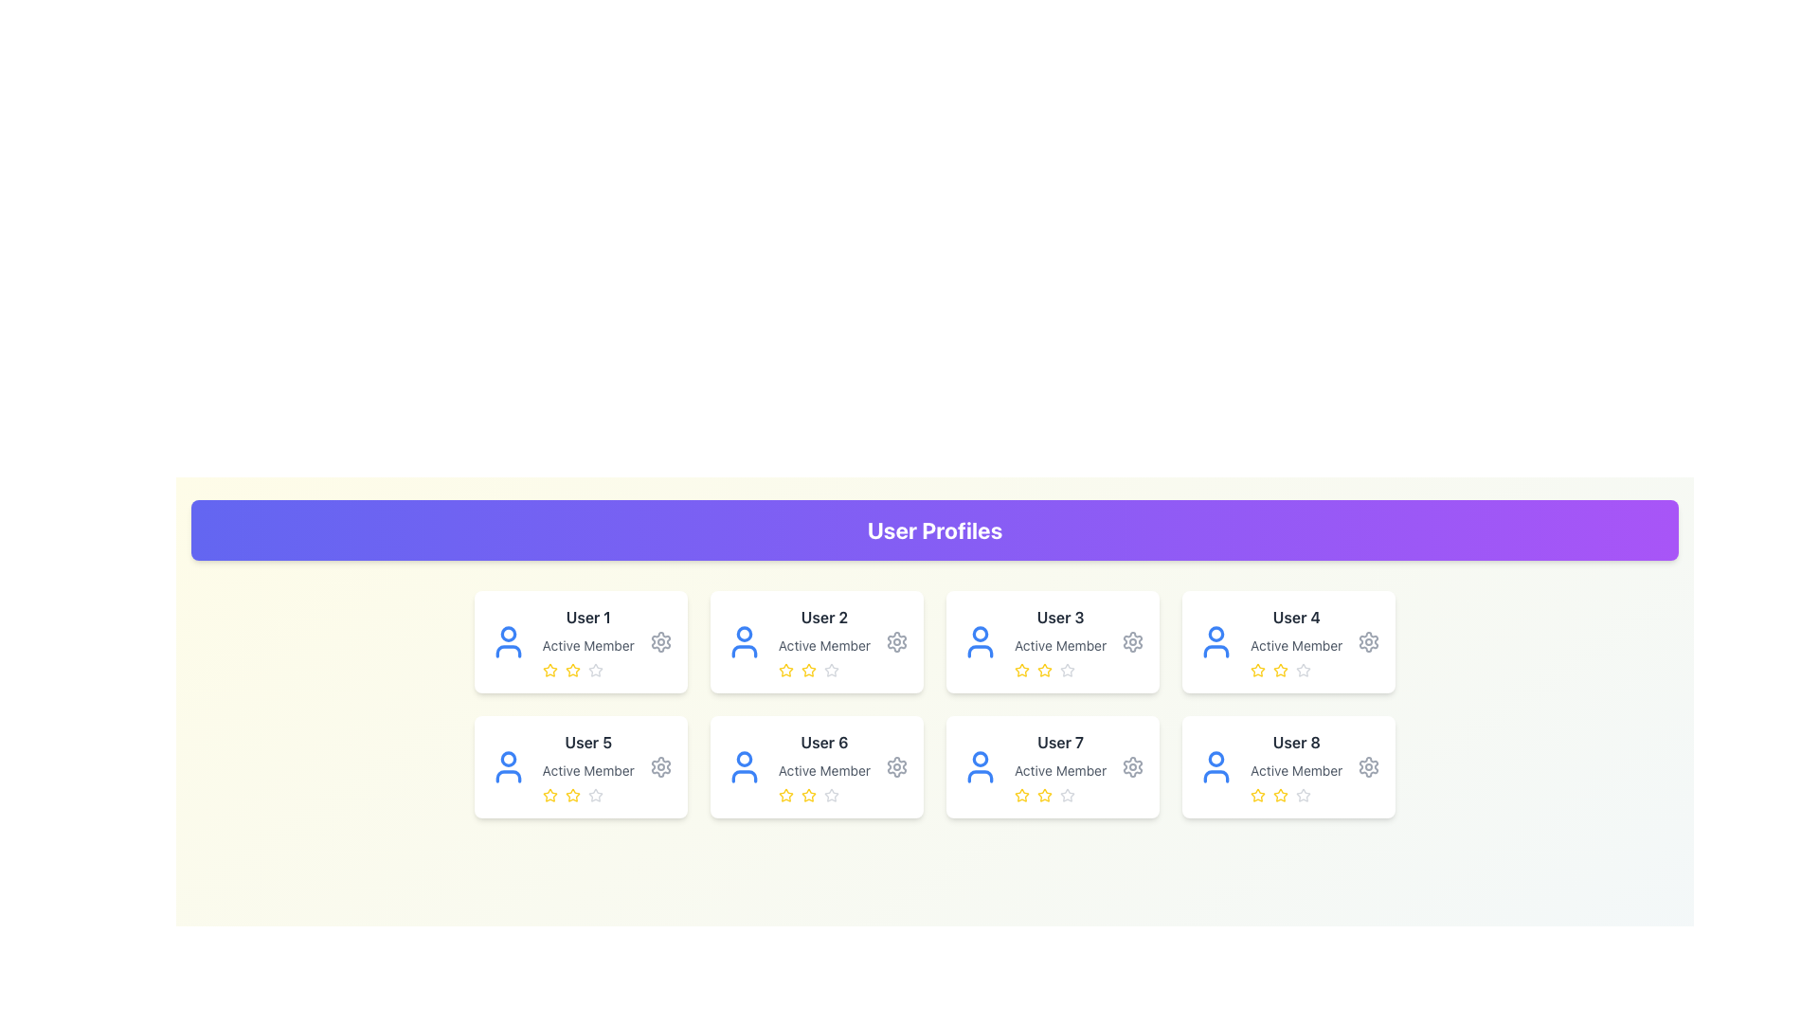 The width and height of the screenshot is (1819, 1023). Describe the element at coordinates (1216, 777) in the screenshot. I see `the lower segment (torso) of the SVG icon representing the user profile picture for 'User 8' in the profile card grid layout` at that location.